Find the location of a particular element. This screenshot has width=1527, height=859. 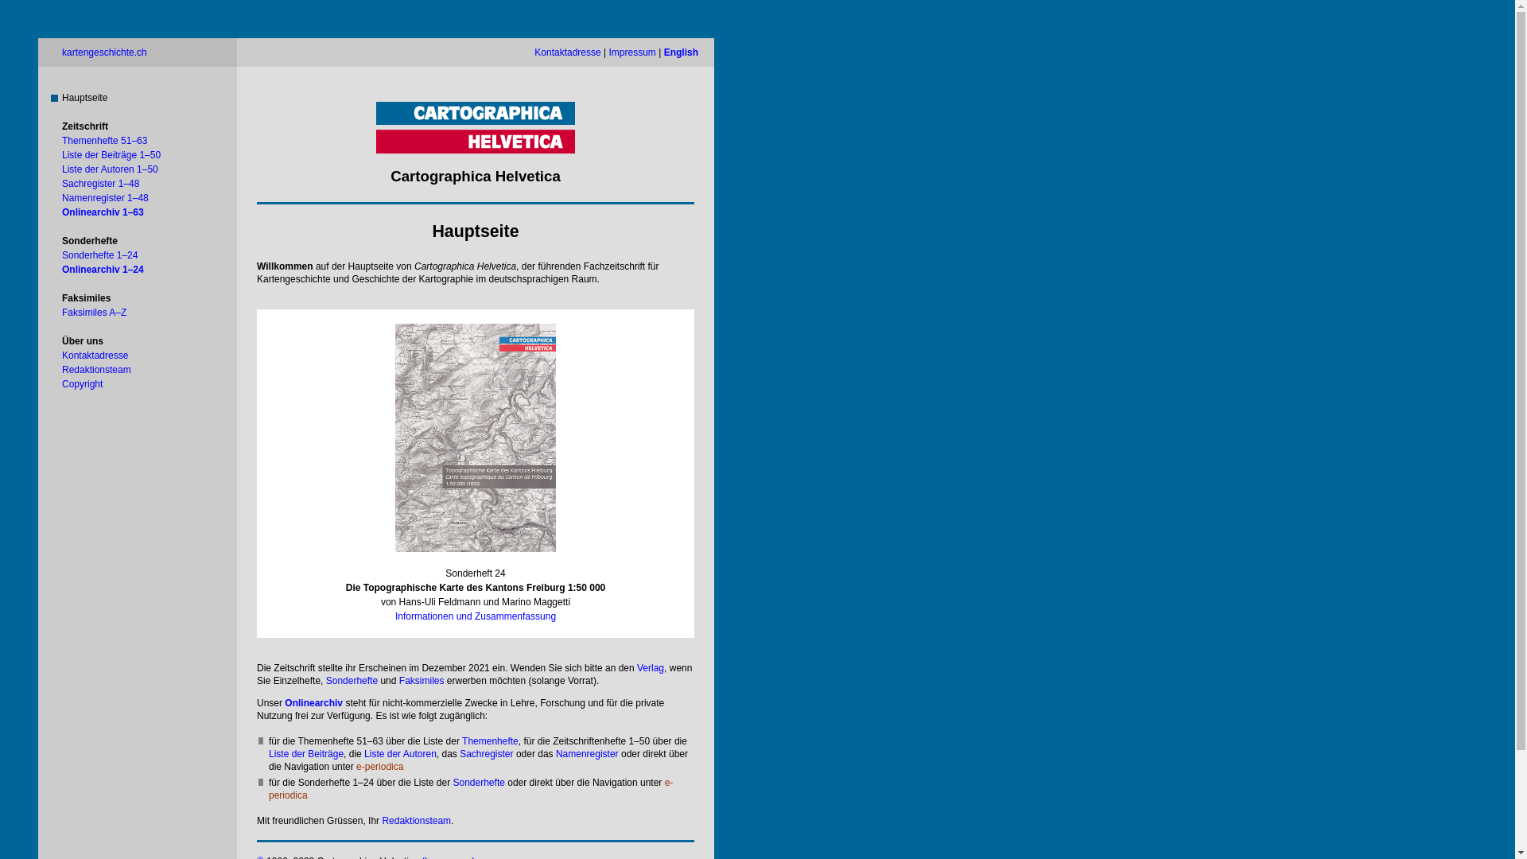

'Kontaktadresse' is located at coordinates (567, 51).